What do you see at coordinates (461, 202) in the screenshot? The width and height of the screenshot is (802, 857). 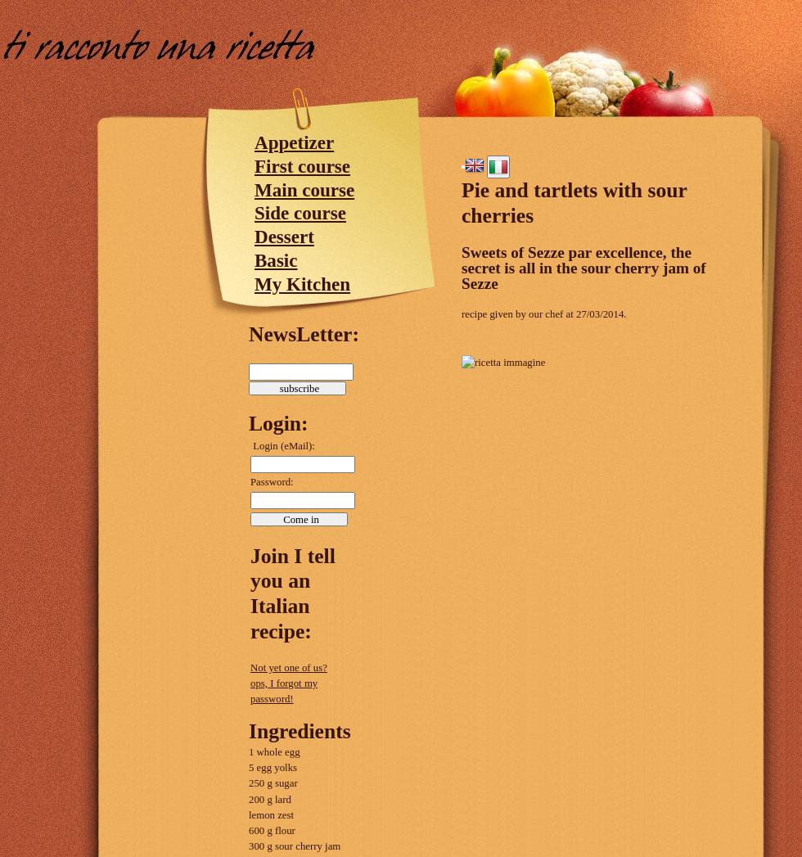 I see `'Pie and tartlets with sour cherries'` at bounding box center [461, 202].